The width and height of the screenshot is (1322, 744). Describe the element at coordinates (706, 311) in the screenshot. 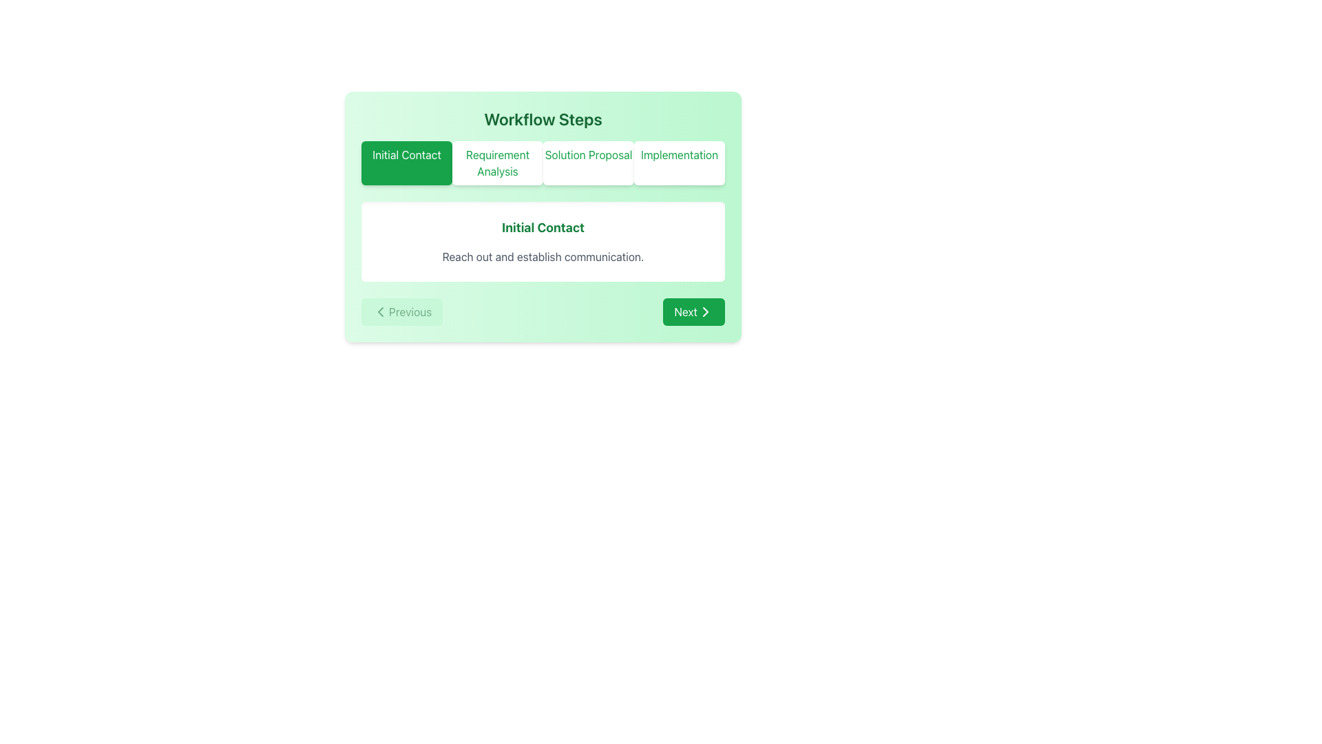

I see `the SVG icon located within the green 'Next' button at the bottom right of the interface to trigger a visual response` at that location.